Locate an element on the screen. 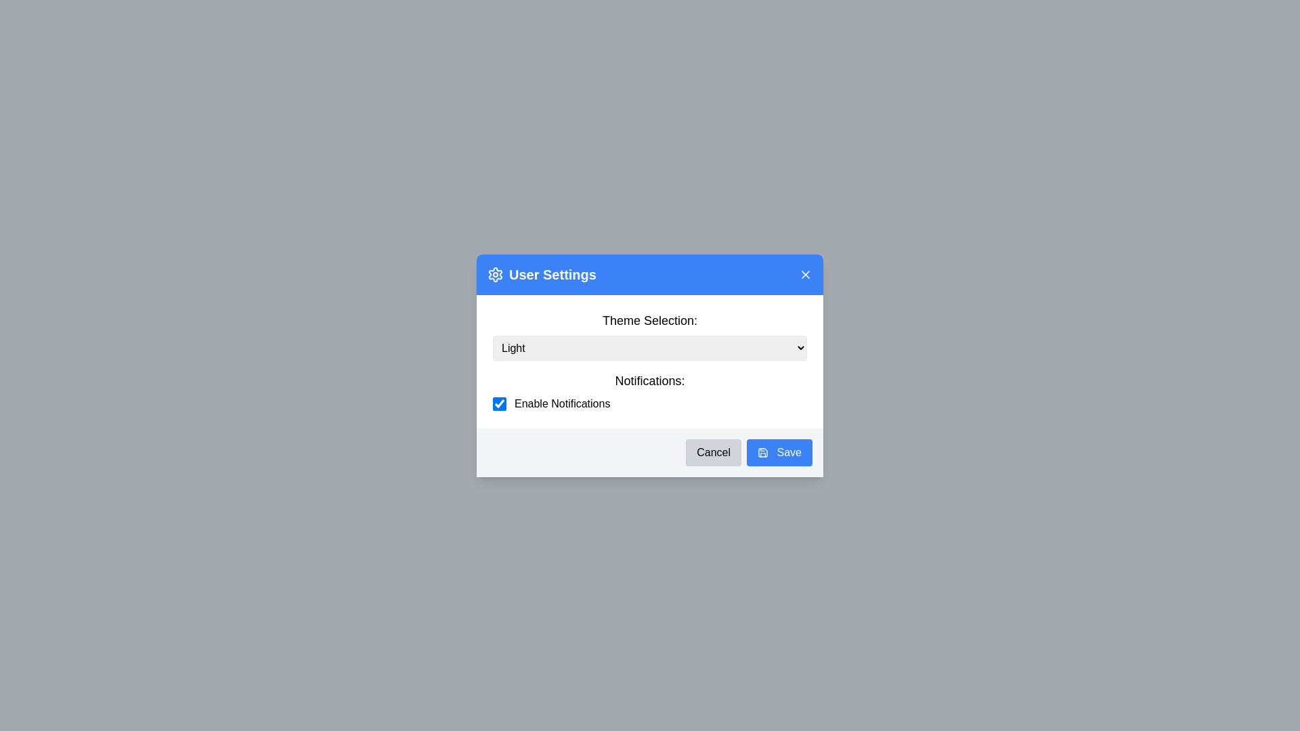 The height and width of the screenshot is (731, 1300). the close button located in the top-right corner of the 'User Settings' dialog header to indicate interactivity is located at coordinates (806, 274).